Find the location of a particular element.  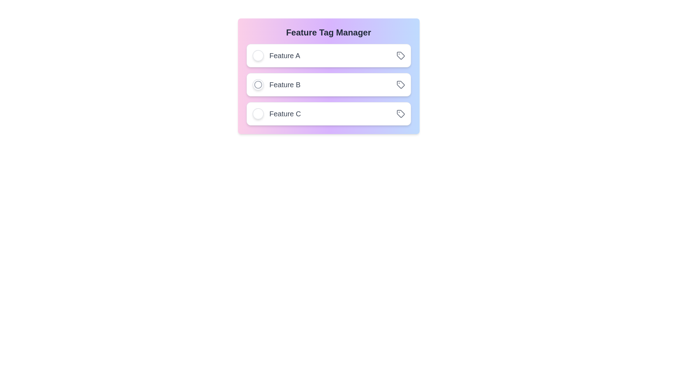

the tag-shaped icon next to the label 'Feature A' is located at coordinates (400, 55).